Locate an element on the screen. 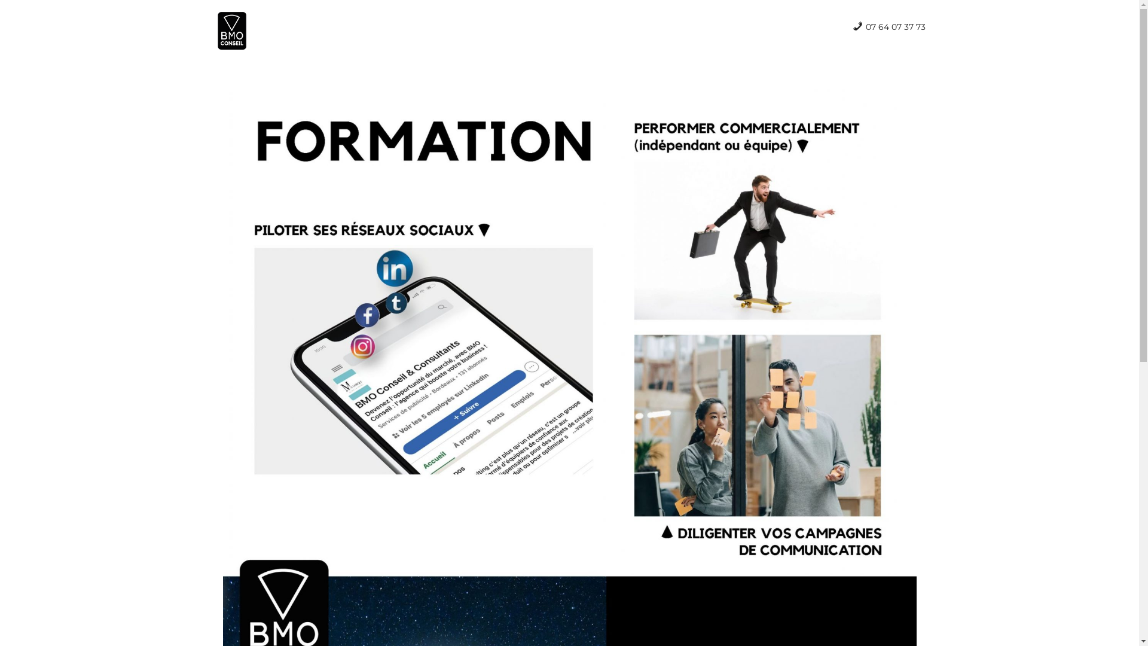  '07 64 07 37 73' is located at coordinates (889, 27).